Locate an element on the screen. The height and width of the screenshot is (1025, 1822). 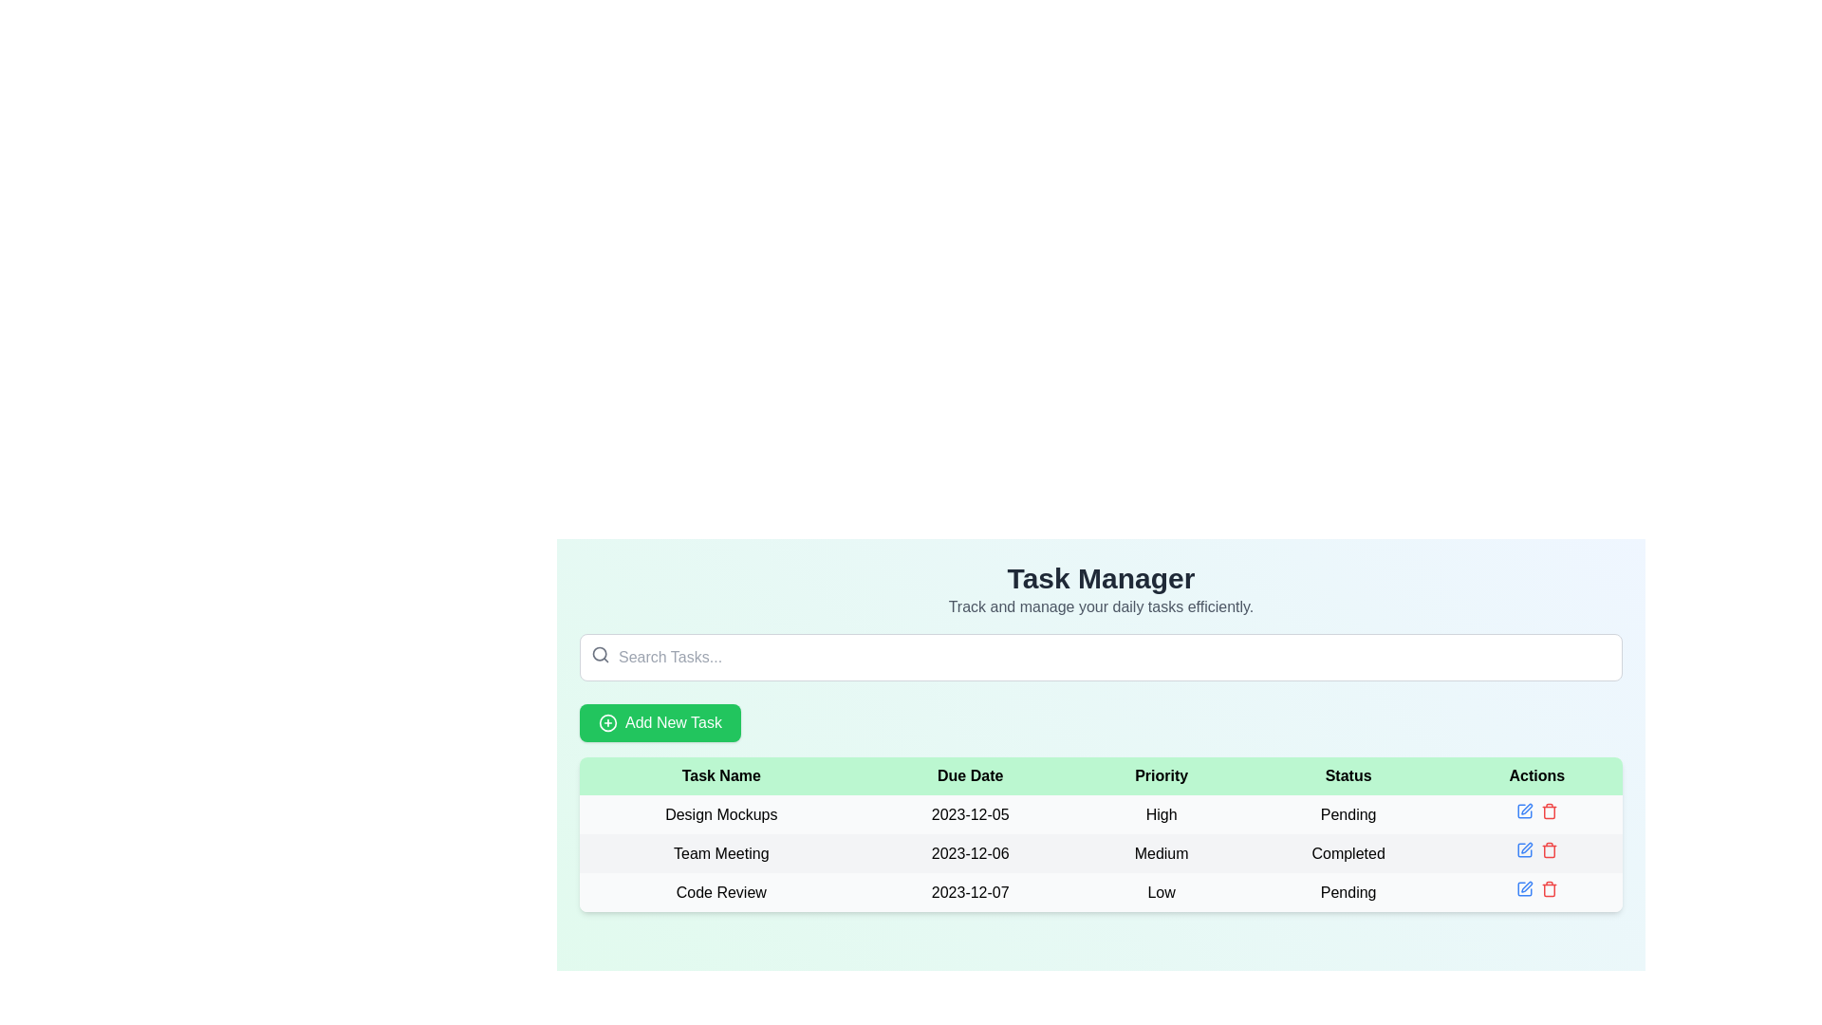
the 'Pending' label displayed in bold within the 'Status' column of the table, located in the third row corresponding to the task 'Code Review' is located at coordinates (1348, 892).